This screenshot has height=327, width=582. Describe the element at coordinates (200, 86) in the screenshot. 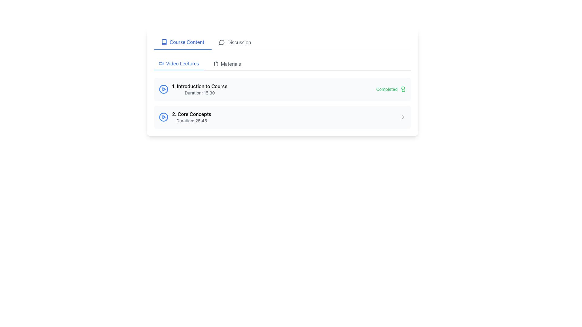

I see `the static text element that serves as the title for a video lecture, positioned above the 'Duration: 15:30' text in the 'Video Lectures' tab` at that location.